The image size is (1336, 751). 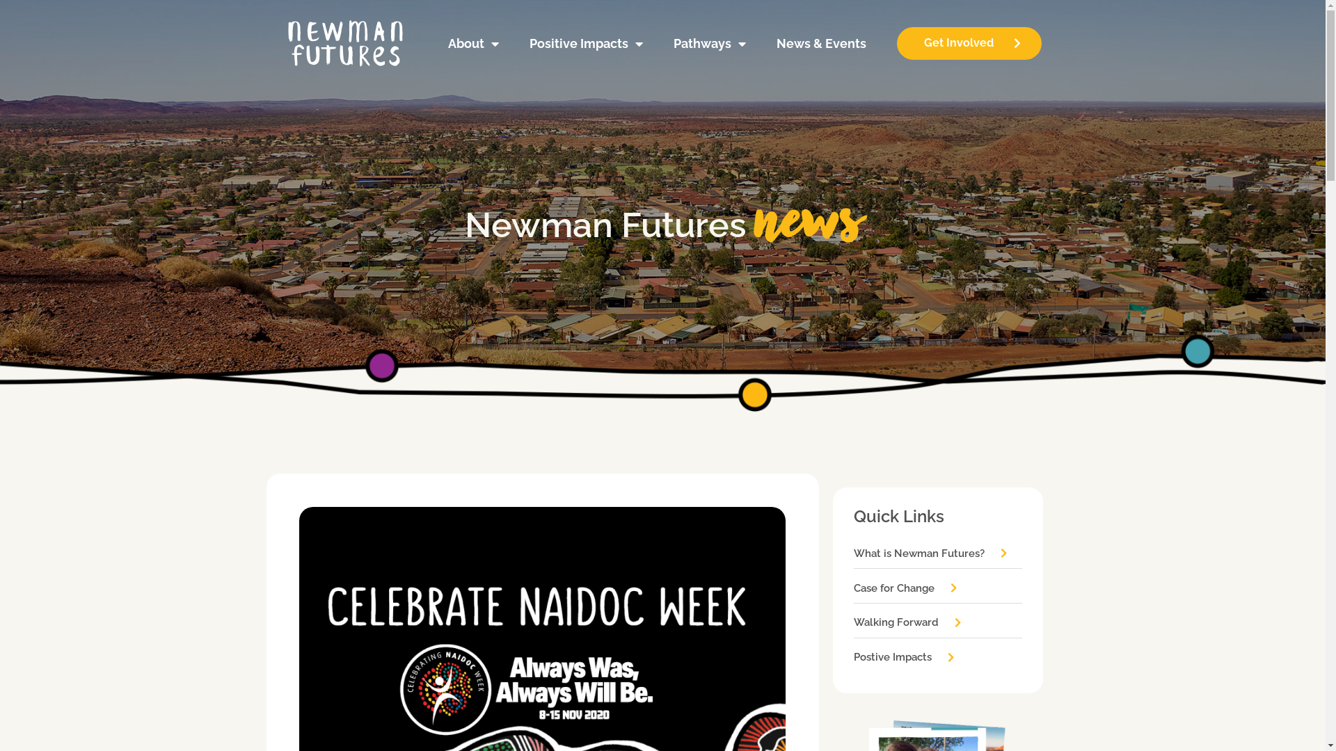 What do you see at coordinates (905, 657) in the screenshot?
I see `'Postive Impacts'` at bounding box center [905, 657].